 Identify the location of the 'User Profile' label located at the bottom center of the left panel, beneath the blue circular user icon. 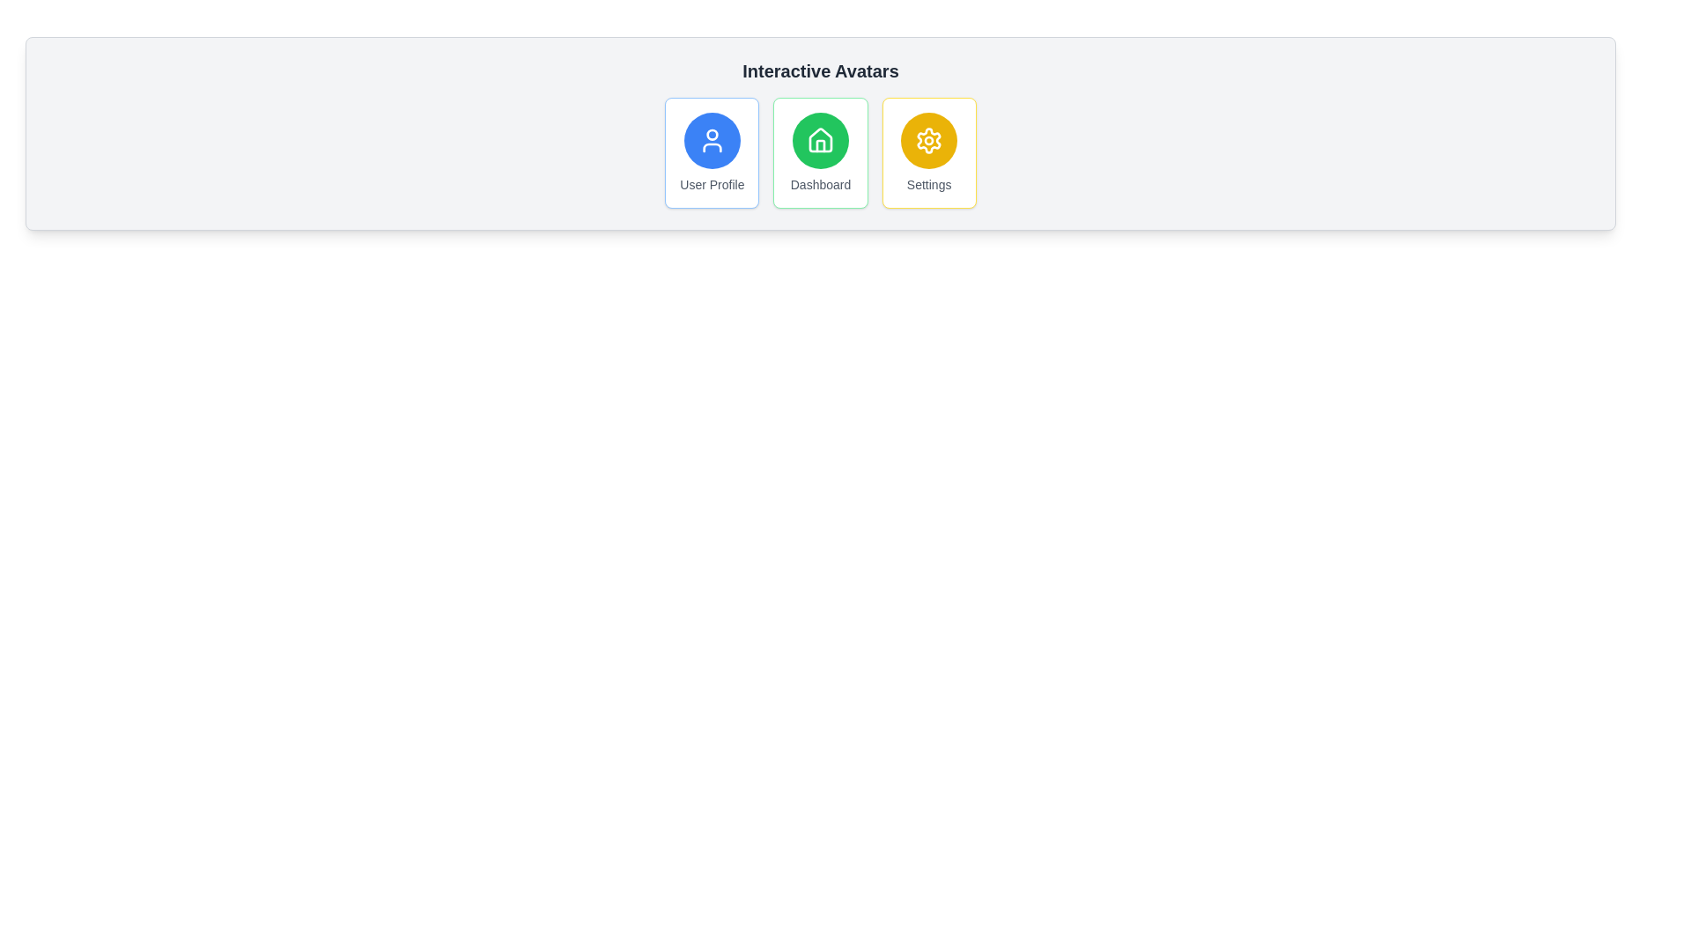
(712, 184).